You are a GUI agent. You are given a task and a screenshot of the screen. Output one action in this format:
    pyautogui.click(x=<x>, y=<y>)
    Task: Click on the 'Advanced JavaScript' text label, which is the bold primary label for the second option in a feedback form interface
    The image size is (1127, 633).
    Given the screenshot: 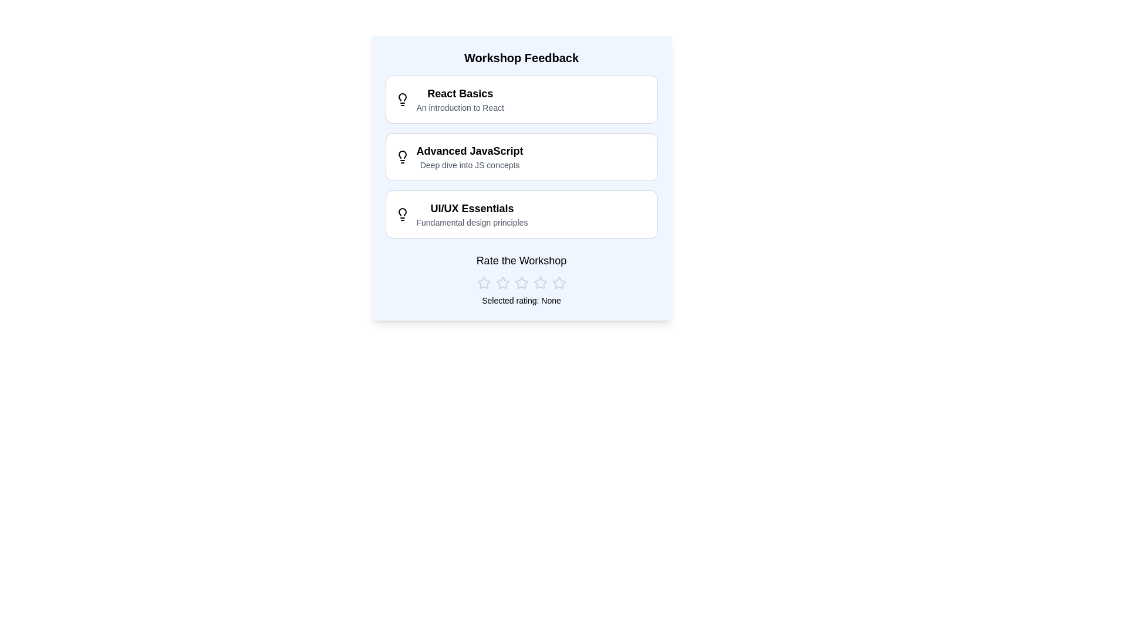 What is the action you would take?
    pyautogui.click(x=470, y=151)
    